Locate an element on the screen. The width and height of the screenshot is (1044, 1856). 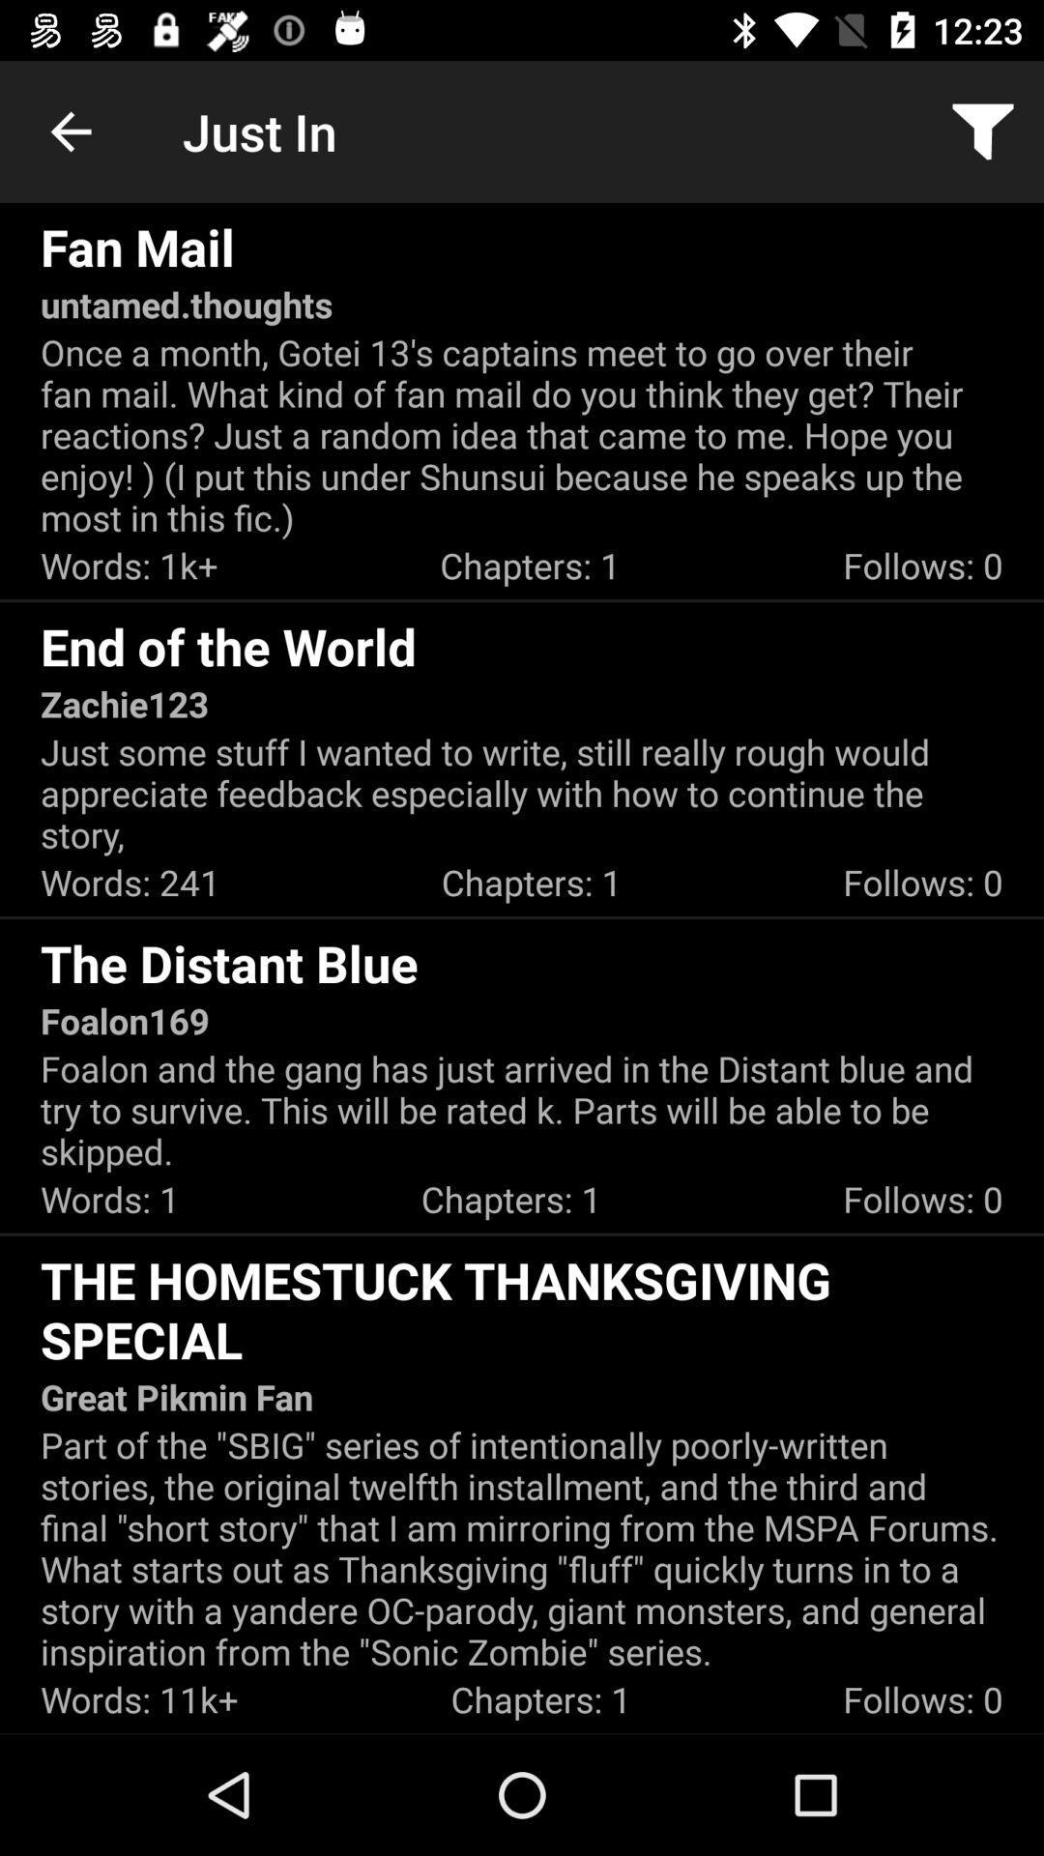
the app to the right of the just in is located at coordinates (983, 130).